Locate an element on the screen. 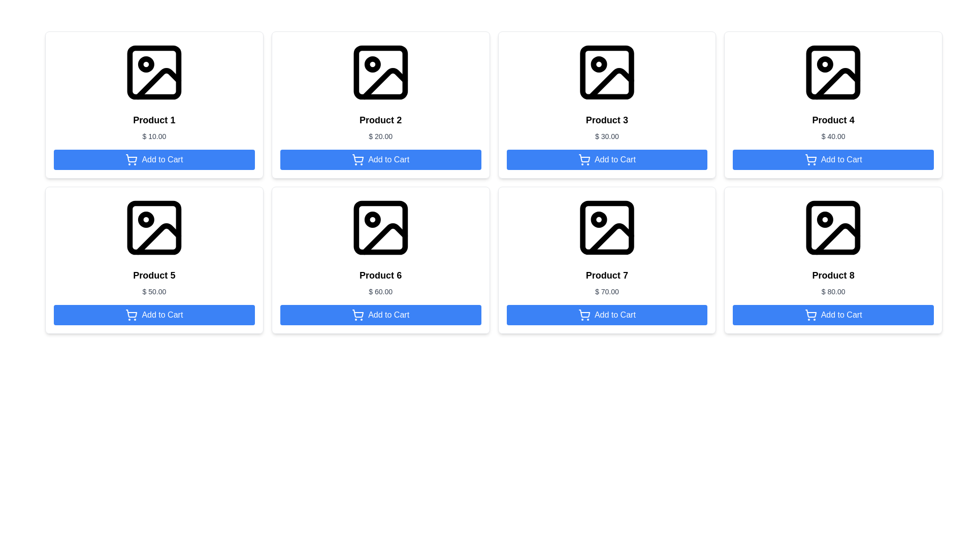  the text label displaying 'Product 5' which serves as the product header within the product card is located at coordinates (153, 276).